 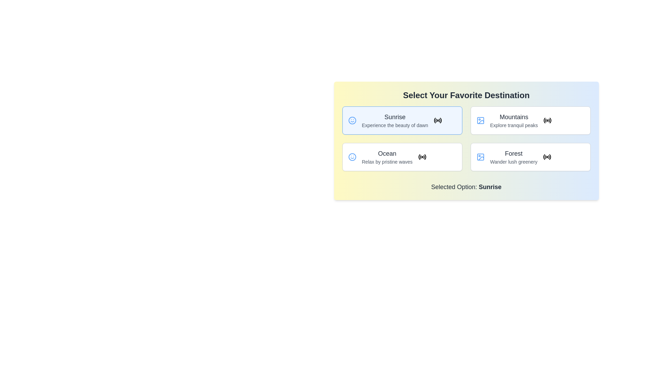 What do you see at coordinates (352, 157) in the screenshot?
I see `the icon located in the upper-left corner of the 'Ocean Relax by pristine waves' card for accessibility navigation` at bounding box center [352, 157].